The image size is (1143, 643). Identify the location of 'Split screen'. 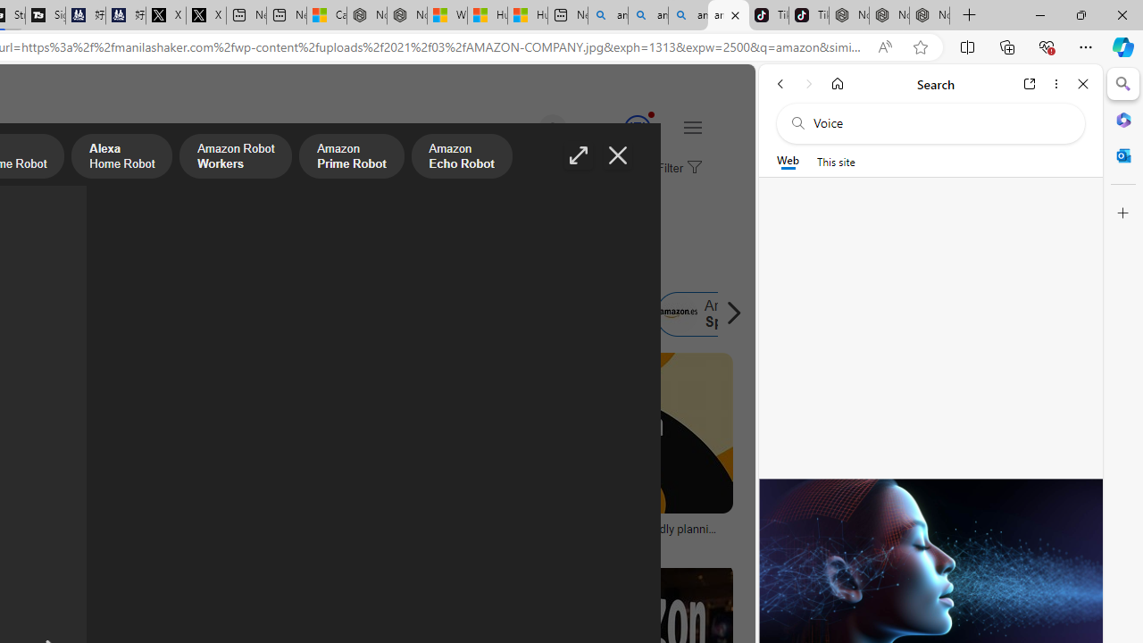
(966, 46).